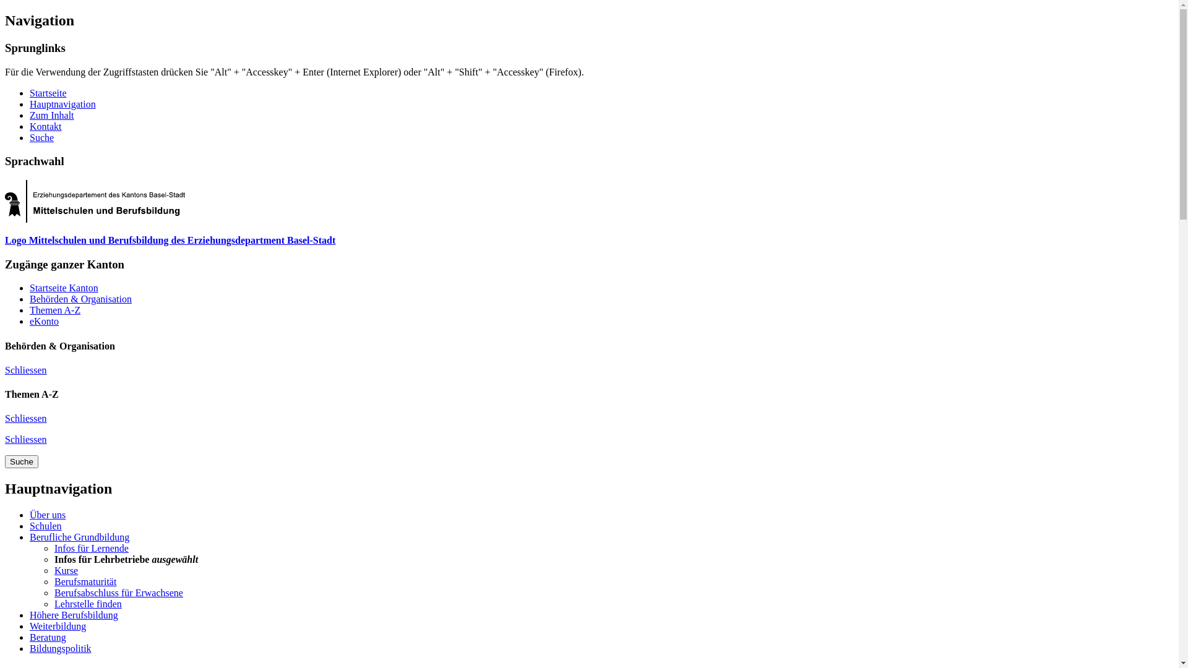  What do you see at coordinates (30, 115) in the screenshot?
I see `'Zum Inhalt'` at bounding box center [30, 115].